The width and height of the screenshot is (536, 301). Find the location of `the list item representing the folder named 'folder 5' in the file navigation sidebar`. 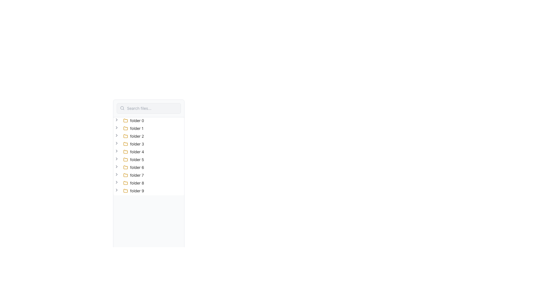

the list item representing the folder named 'folder 5' in the file navigation sidebar is located at coordinates (133, 160).